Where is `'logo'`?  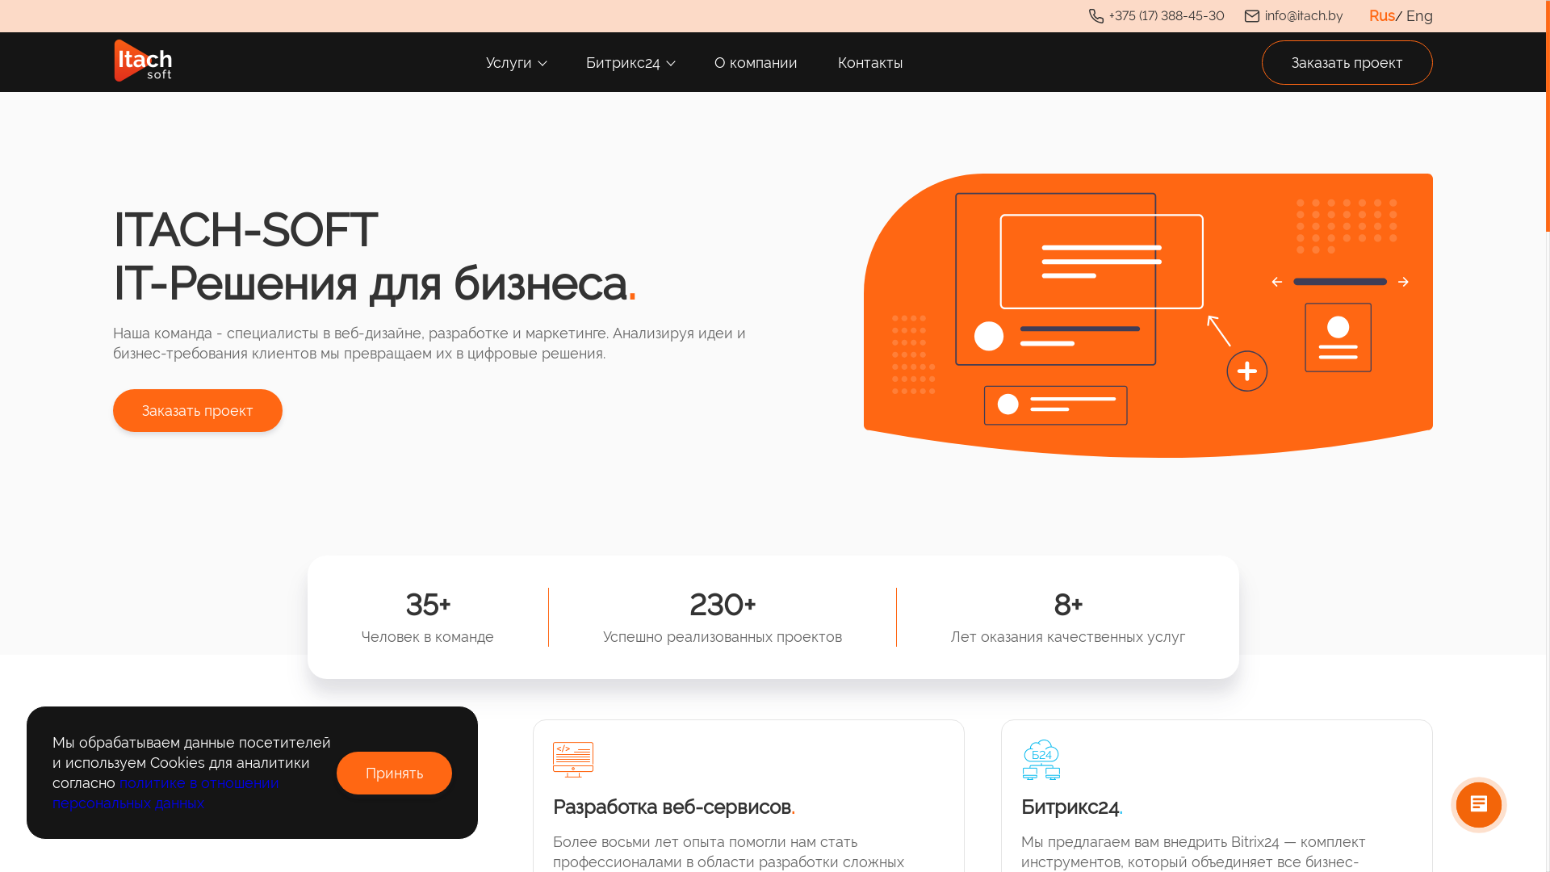 'logo' is located at coordinates (143, 59).